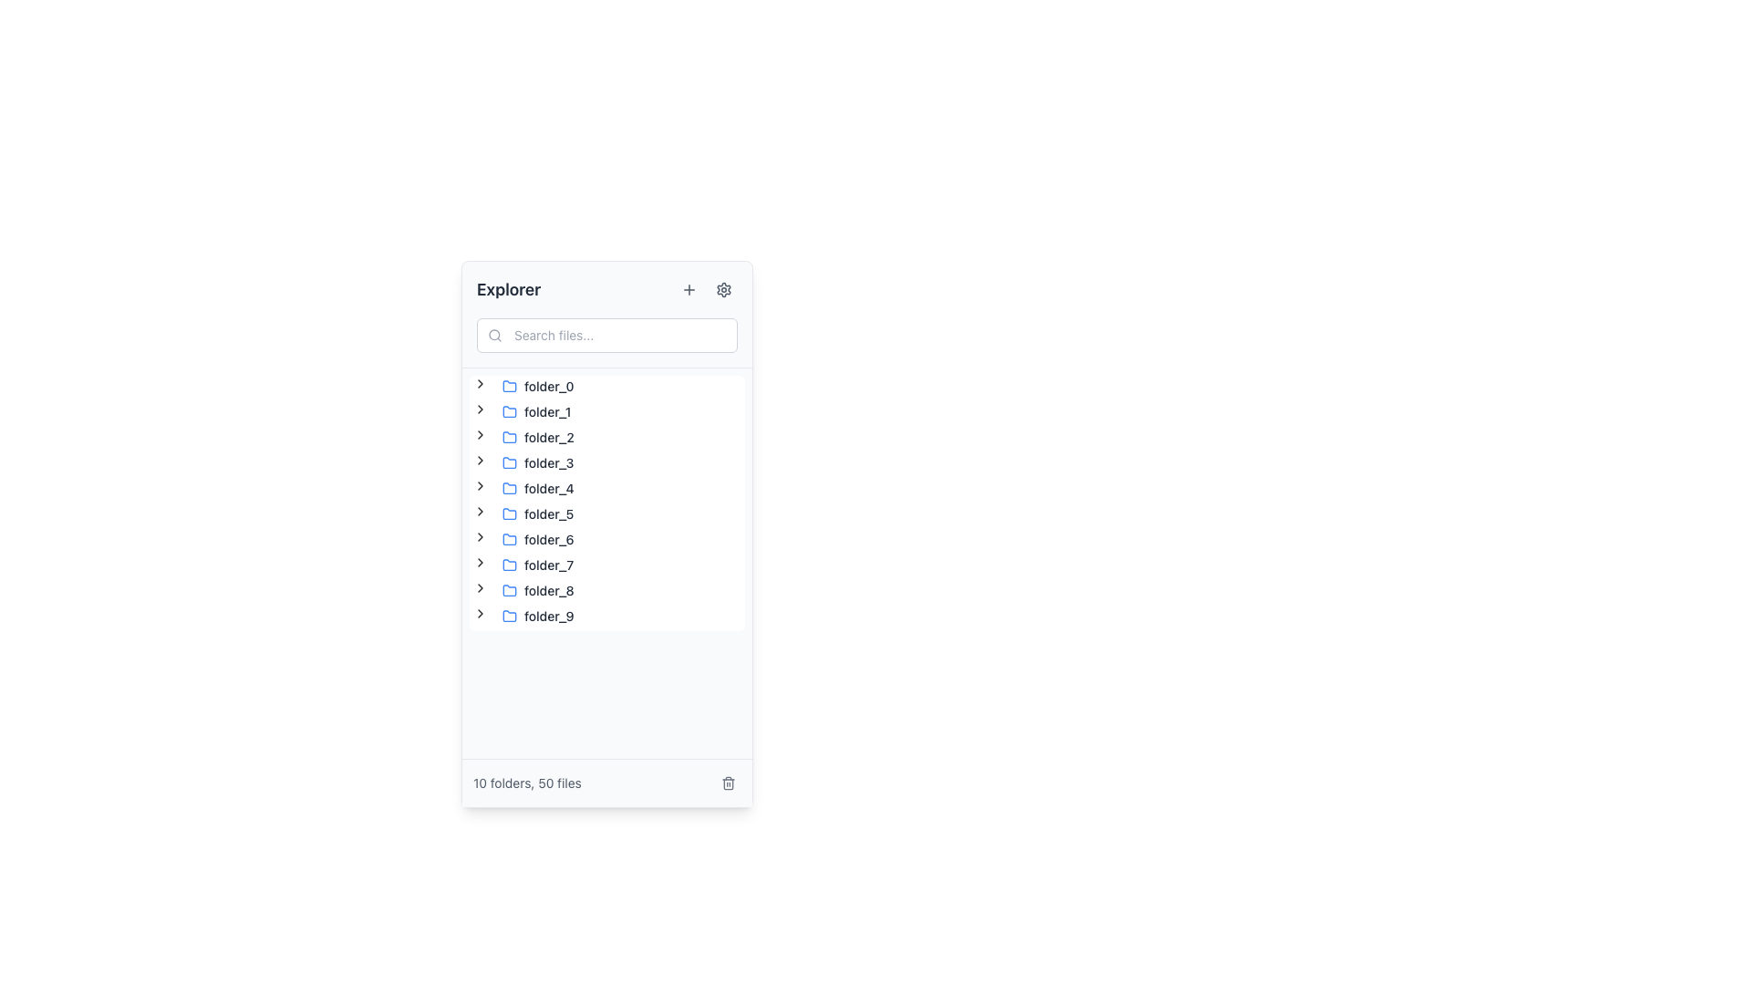 The height and width of the screenshot is (985, 1751). I want to click on label text for the folder named 'folder_7', which is the seventh item in the vertical list within the 'Explorer' navigation panel, so click(548, 565).